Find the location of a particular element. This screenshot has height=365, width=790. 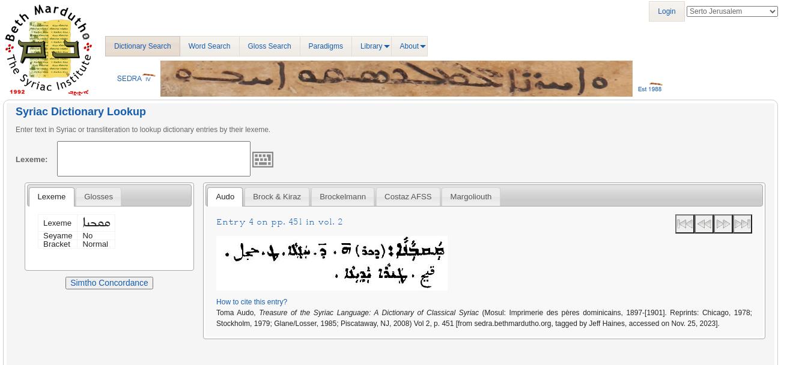

'Toma Audo,' is located at coordinates (237, 312).